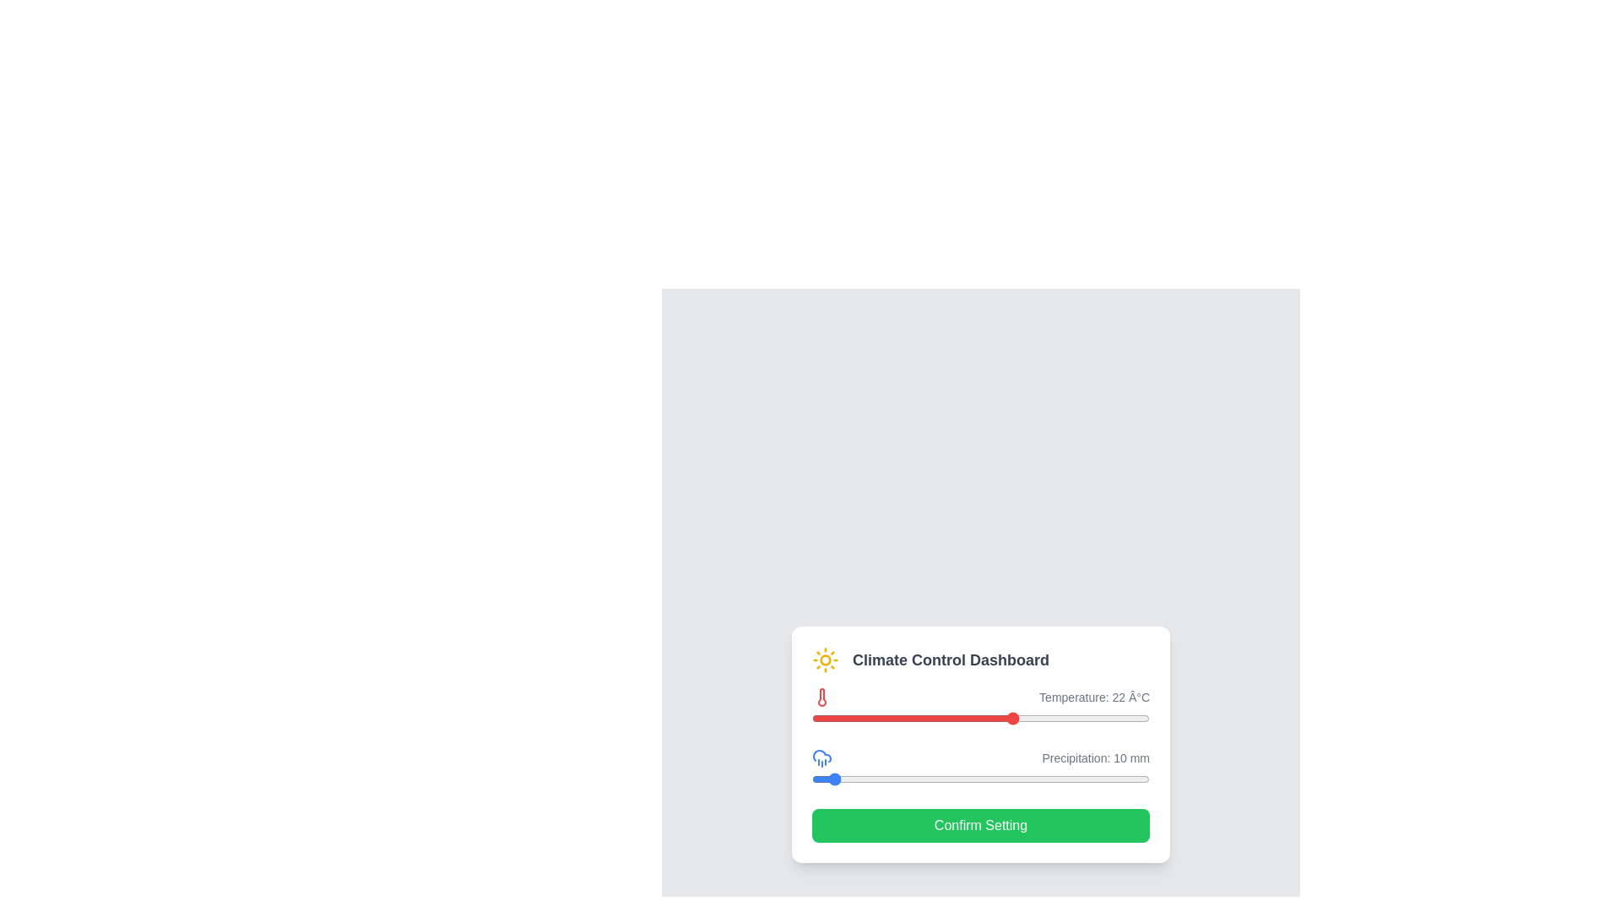  I want to click on 'Confirm Setting' button, so click(980, 825).